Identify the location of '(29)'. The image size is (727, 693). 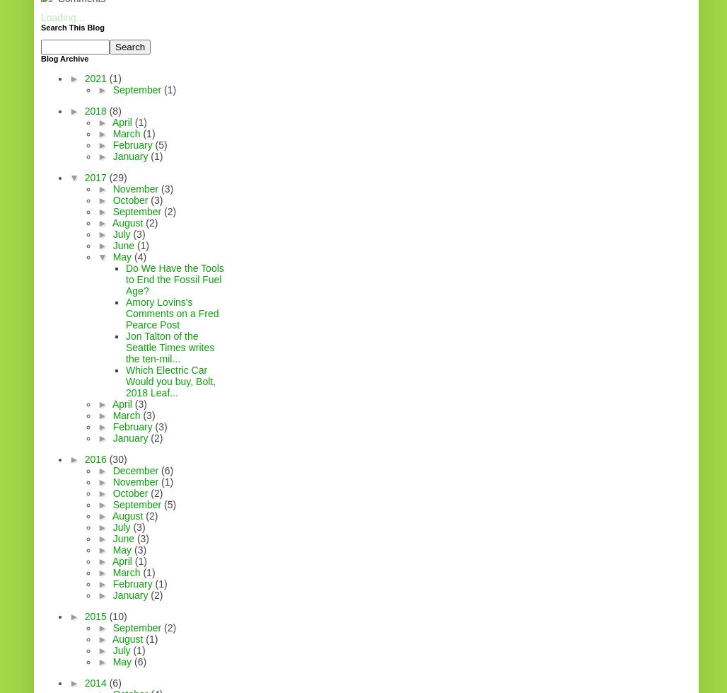
(117, 178).